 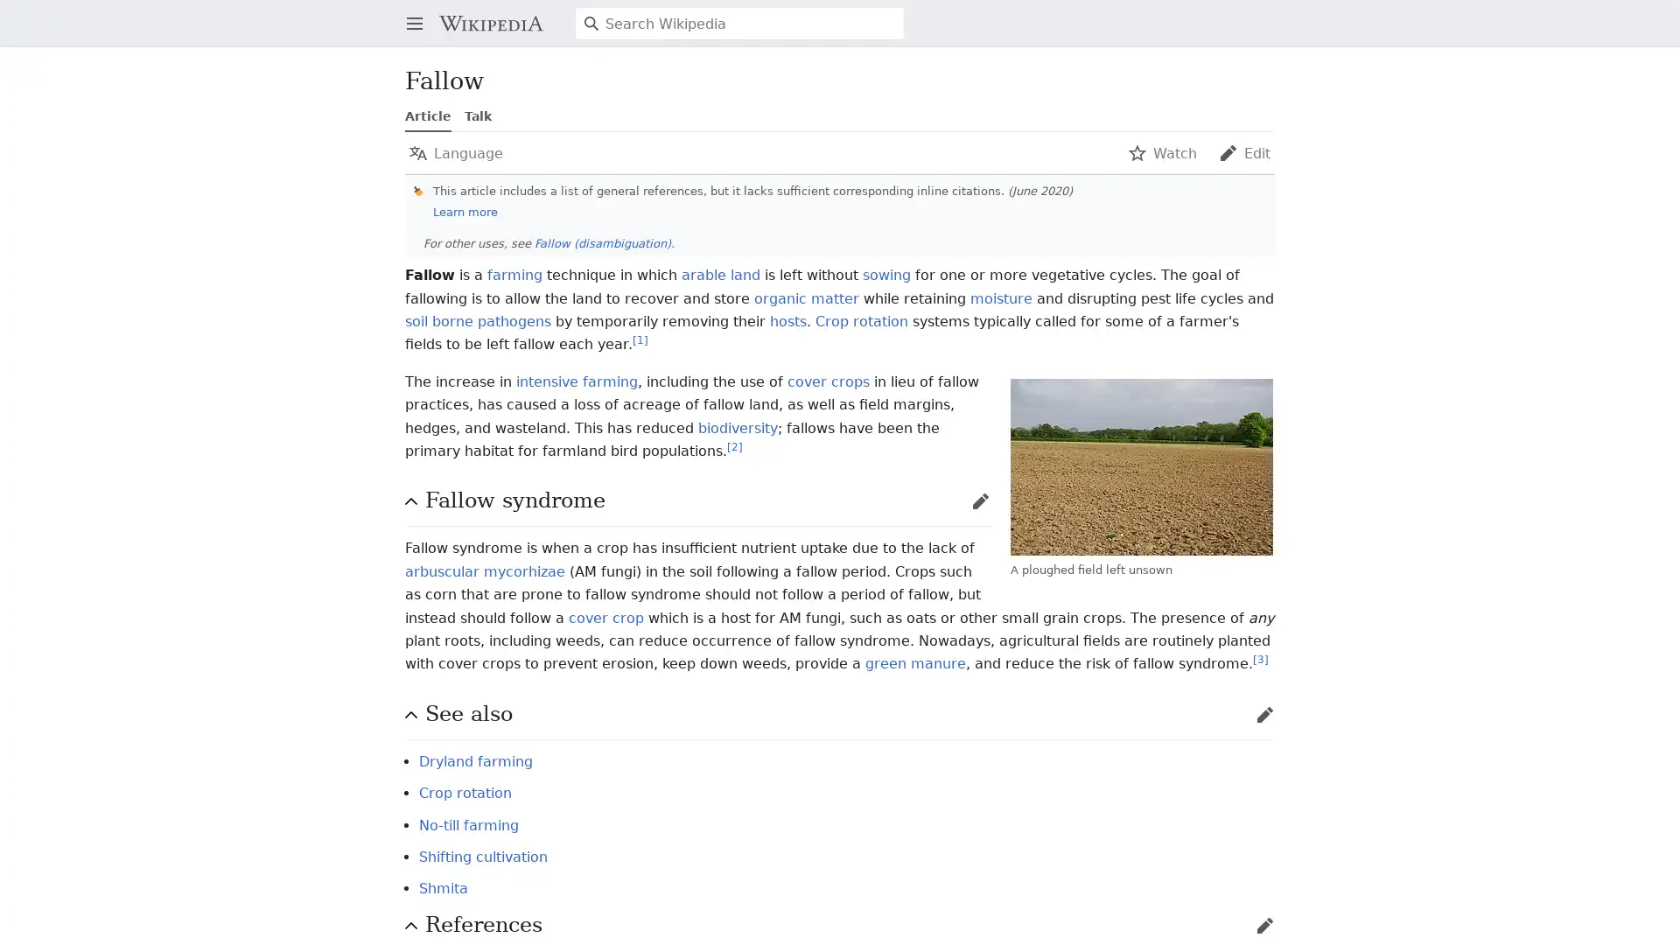 What do you see at coordinates (692, 501) in the screenshot?
I see `Fallow syndrome` at bounding box center [692, 501].